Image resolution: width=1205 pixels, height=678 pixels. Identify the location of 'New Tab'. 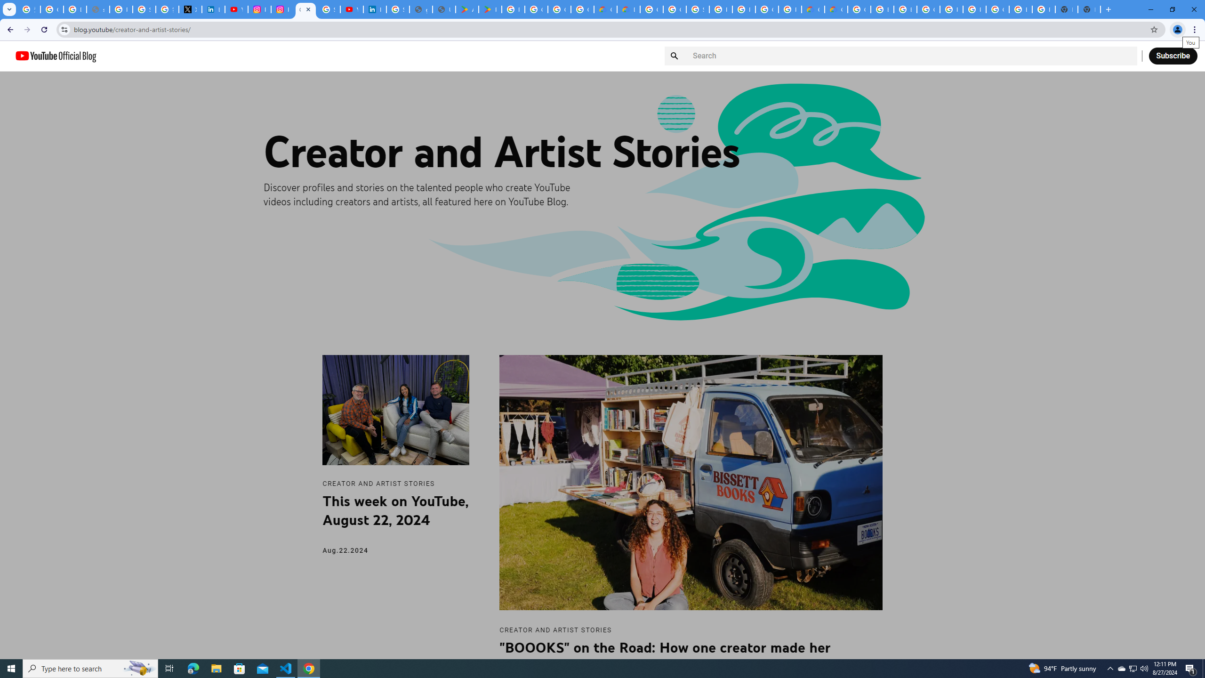
(1089, 9).